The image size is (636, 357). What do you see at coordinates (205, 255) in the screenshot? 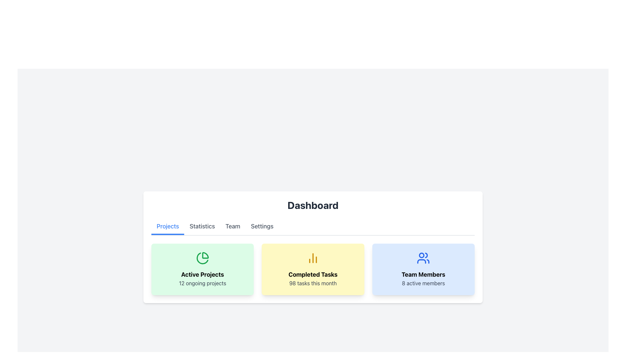
I see `the left segment of the pie chart icon in the 'Active Projects' card, which visually represents a portion of the whole for conveying statistical data` at bounding box center [205, 255].